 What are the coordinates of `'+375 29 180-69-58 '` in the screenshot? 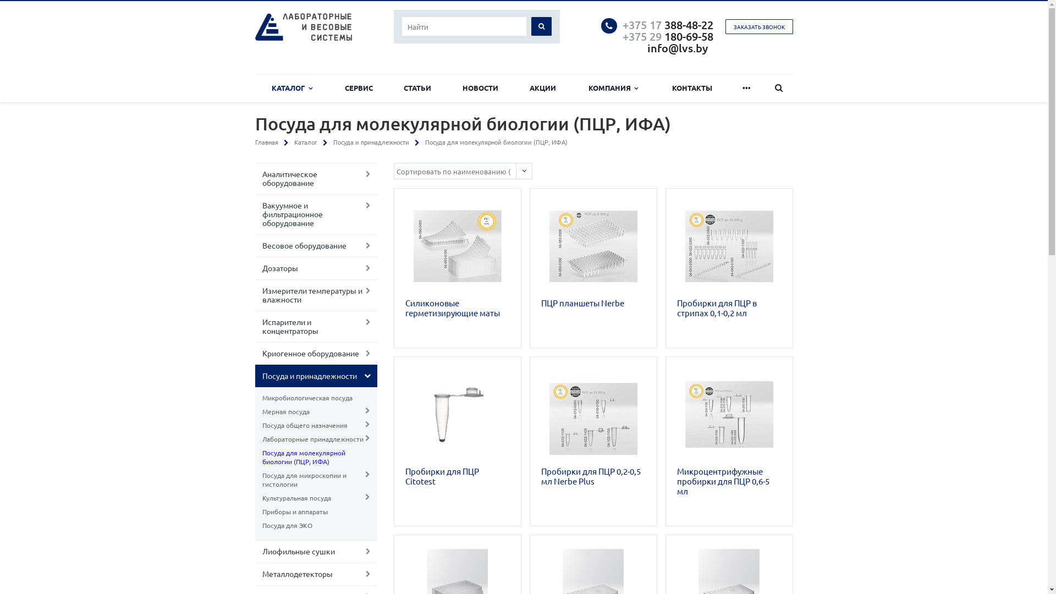 It's located at (669, 35).